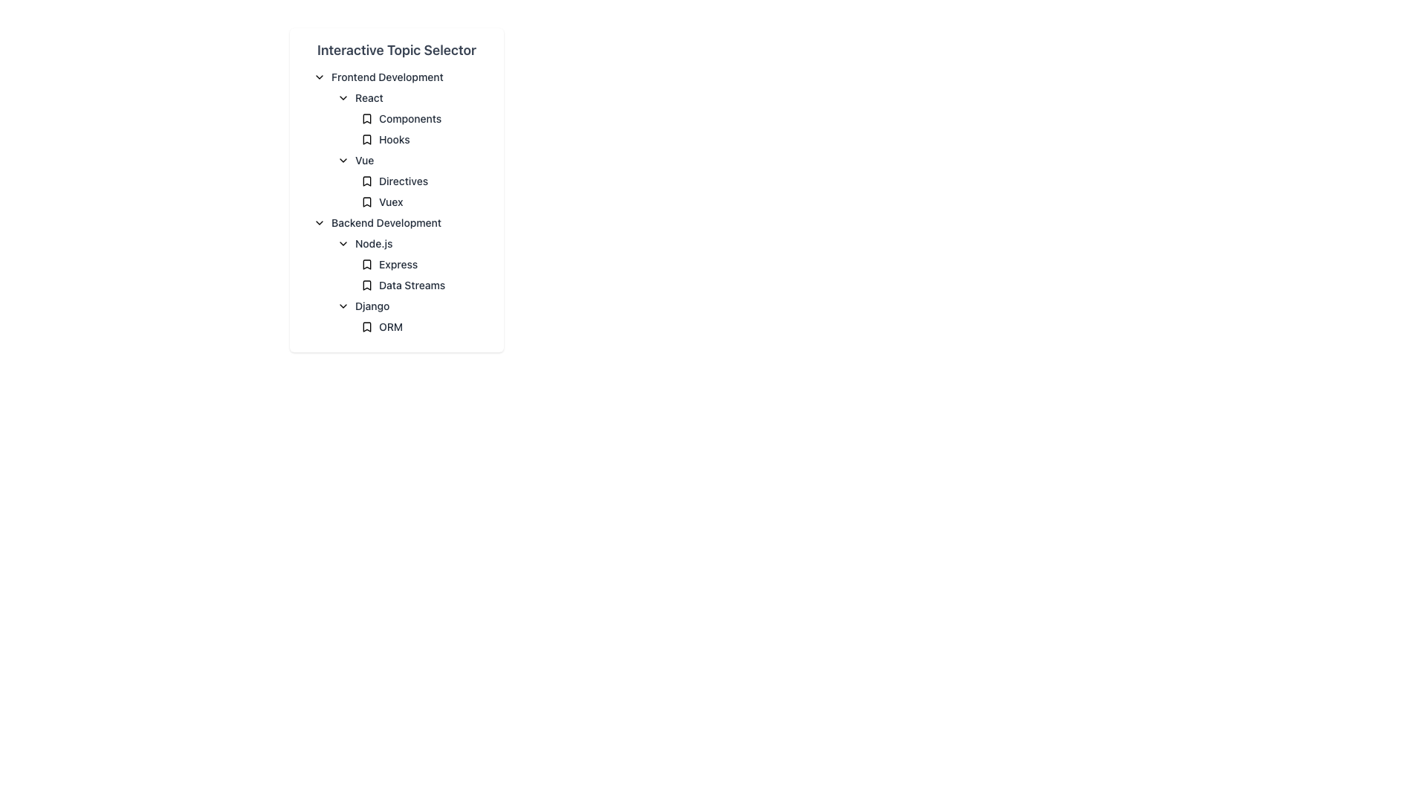 This screenshot has width=1427, height=803. I want to click on the downward-pointing chevron icon next to the 'React' label, so click(342, 97).